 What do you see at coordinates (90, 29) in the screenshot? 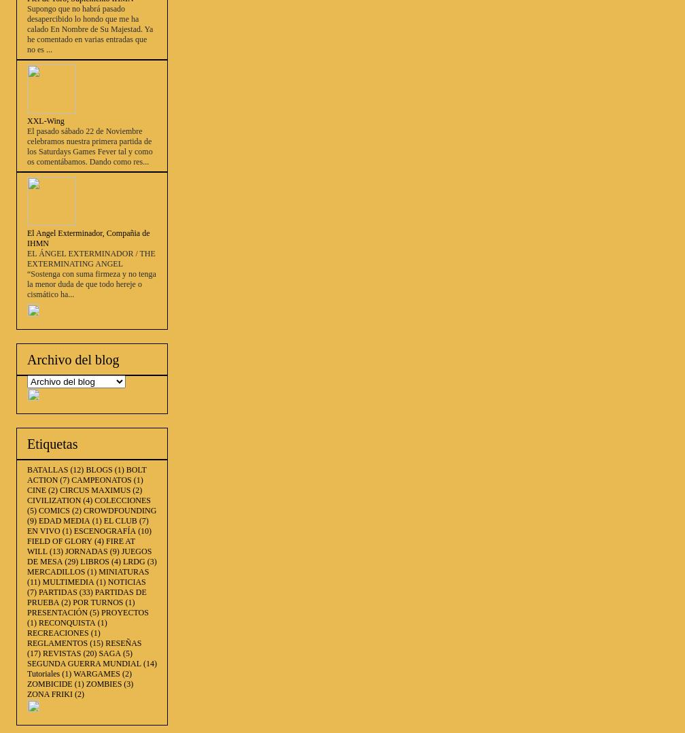
I see `'Supongo que no habrá pasado desapercibido lo hondo que me ha calado En Nombre de Su Majestad. Ya he comentado en varias entradas que no es ...'` at bounding box center [90, 29].